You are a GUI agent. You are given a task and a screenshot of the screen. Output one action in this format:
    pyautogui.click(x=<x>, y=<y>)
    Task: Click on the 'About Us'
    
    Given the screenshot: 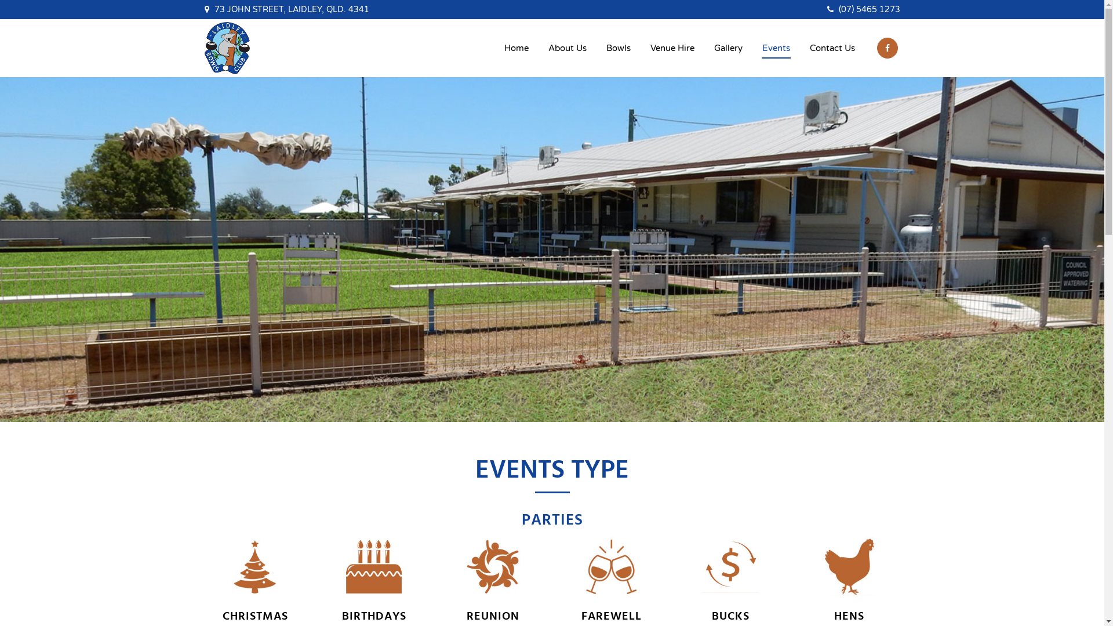 What is the action you would take?
    pyautogui.click(x=568, y=48)
    